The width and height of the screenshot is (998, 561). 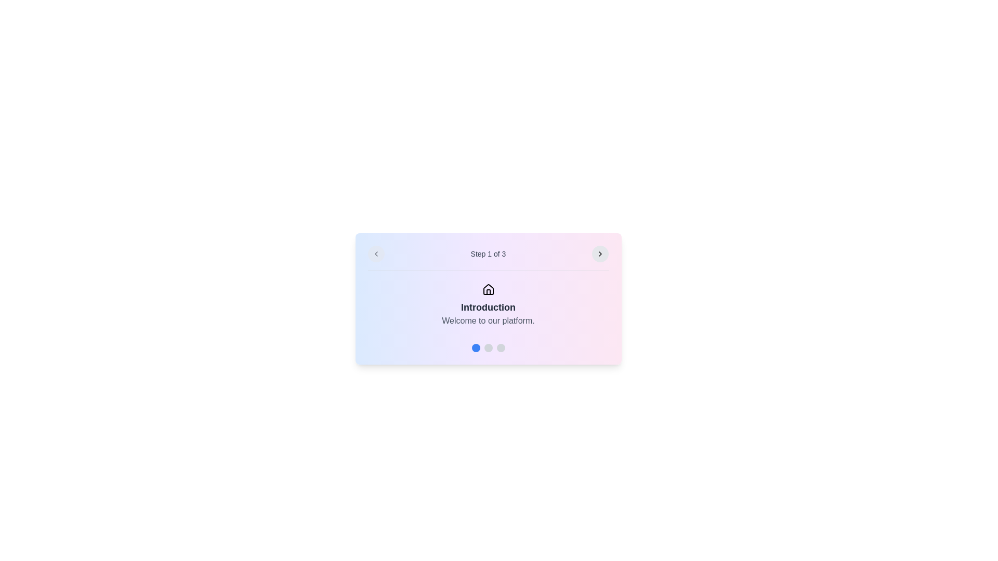 I want to click on the chevron-right icon located at the top-right corner of the navigation header to proceed to the next step, so click(x=600, y=254).